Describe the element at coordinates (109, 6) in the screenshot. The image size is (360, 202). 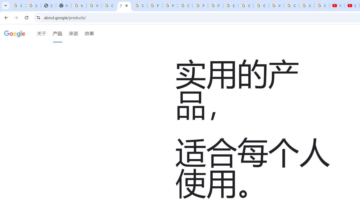
I see `'Create your Google Account'` at that location.